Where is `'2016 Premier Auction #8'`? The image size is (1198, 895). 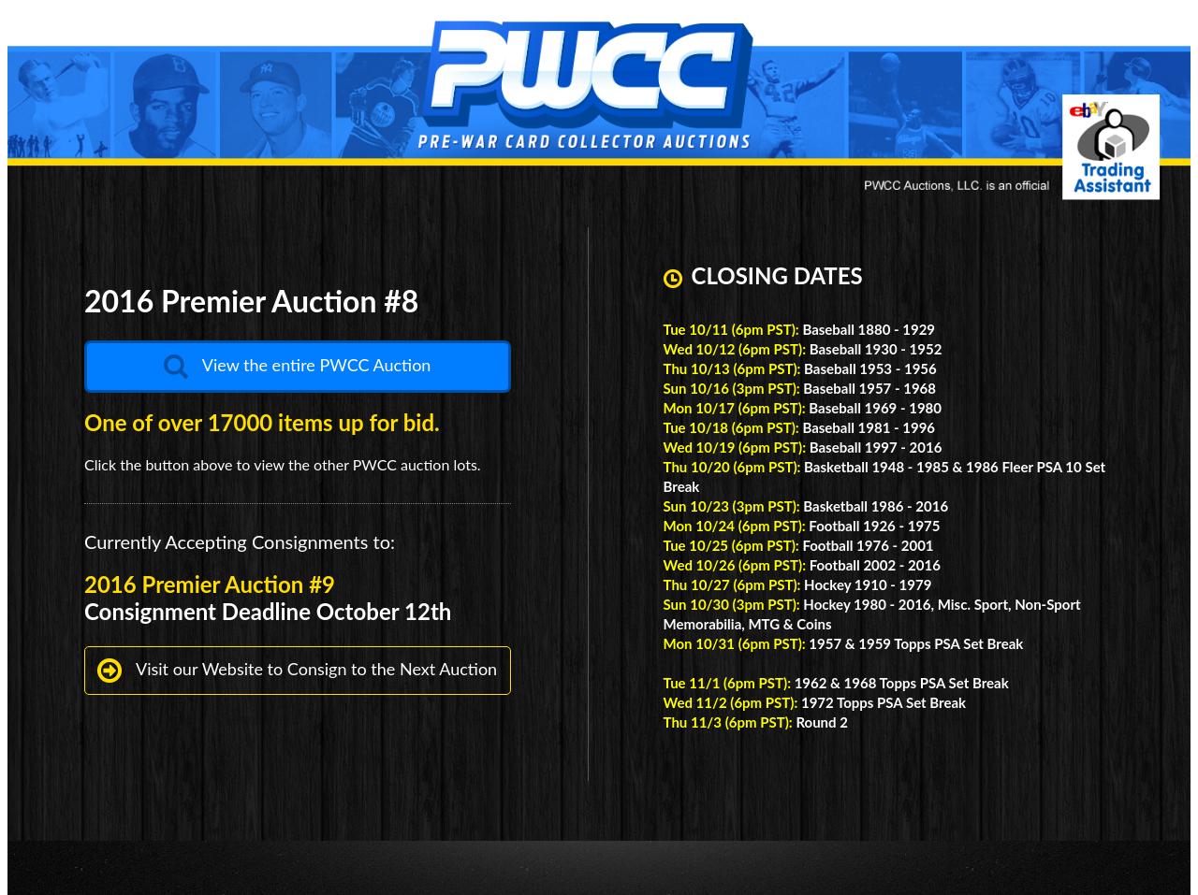
'2016 Premier Auction #8' is located at coordinates (250, 301).